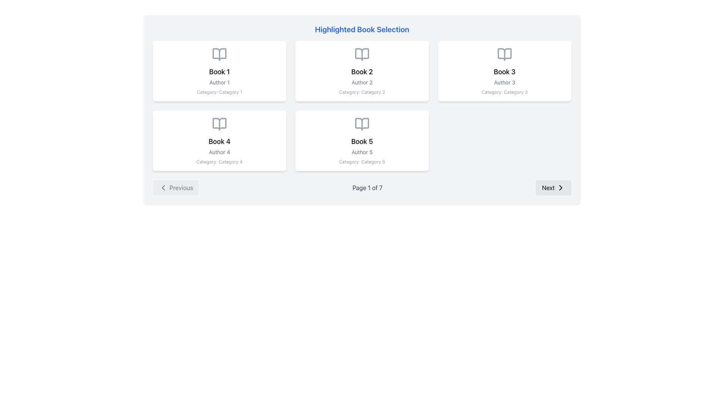 Image resolution: width=728 pixels, height=409 pixels. What do you see at coordinates (219, 142) in the screenshot?
I see `the text label that reads 'Book 4', which is styled in bold and centered format, located in the third card of a two-by-two grid layout` at bounding box center [219, 142].